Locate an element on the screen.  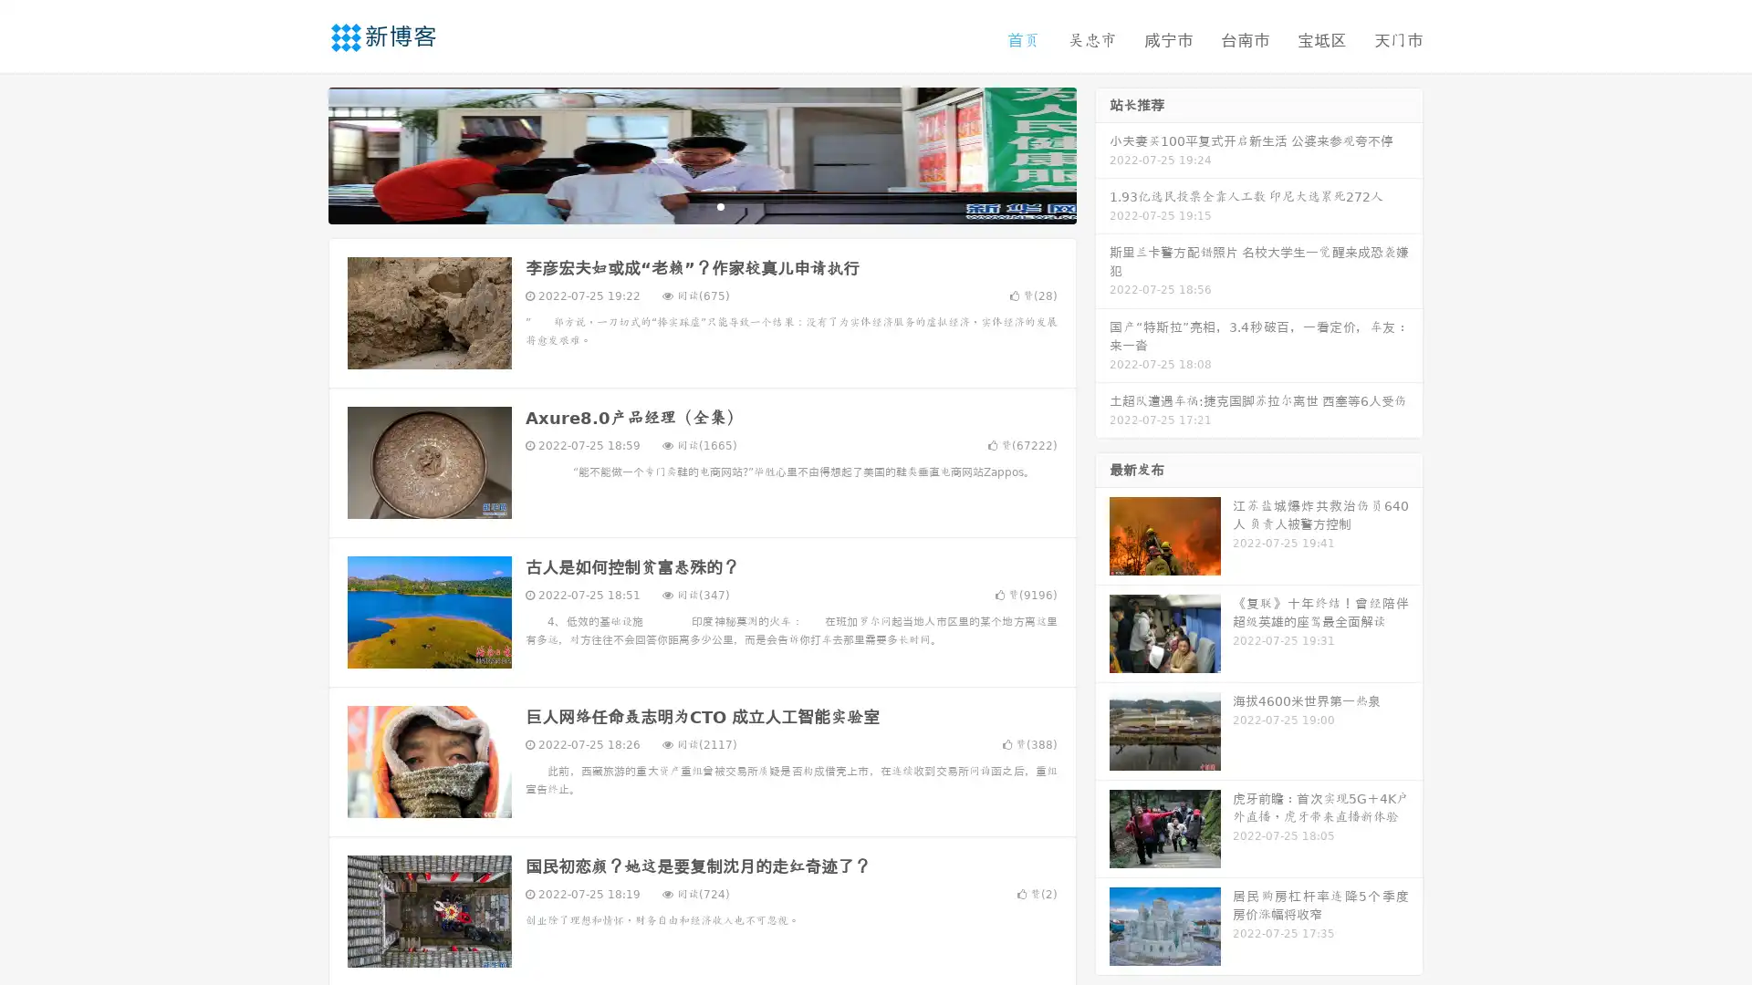
Go to slide 2 is located at coordinates (701, 205).